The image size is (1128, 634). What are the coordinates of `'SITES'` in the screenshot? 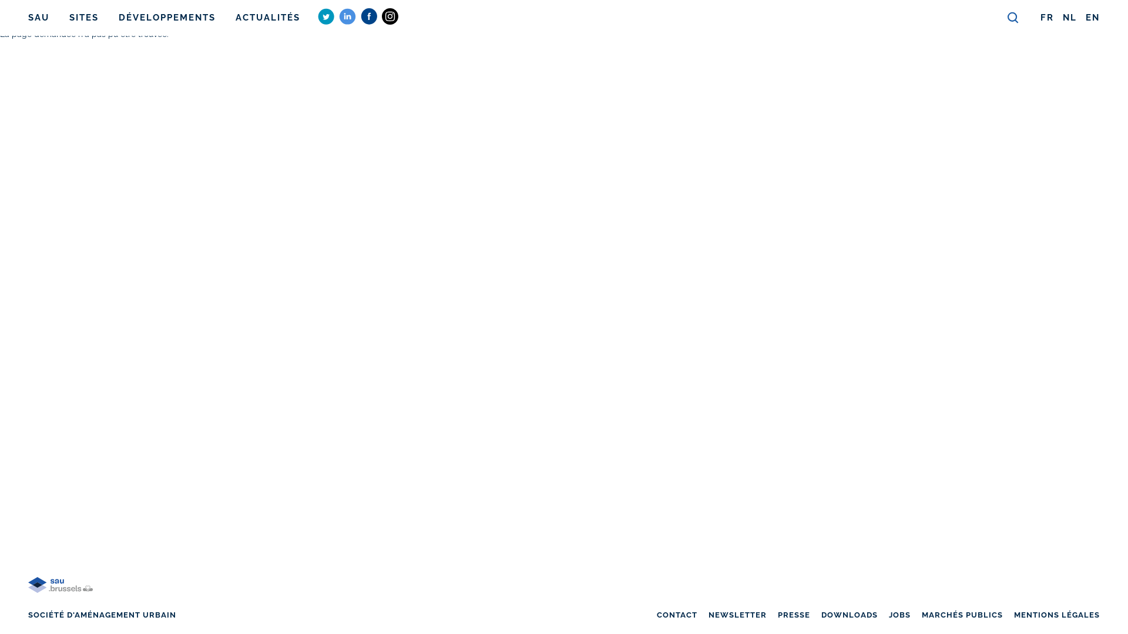 It's located at (83, 18).